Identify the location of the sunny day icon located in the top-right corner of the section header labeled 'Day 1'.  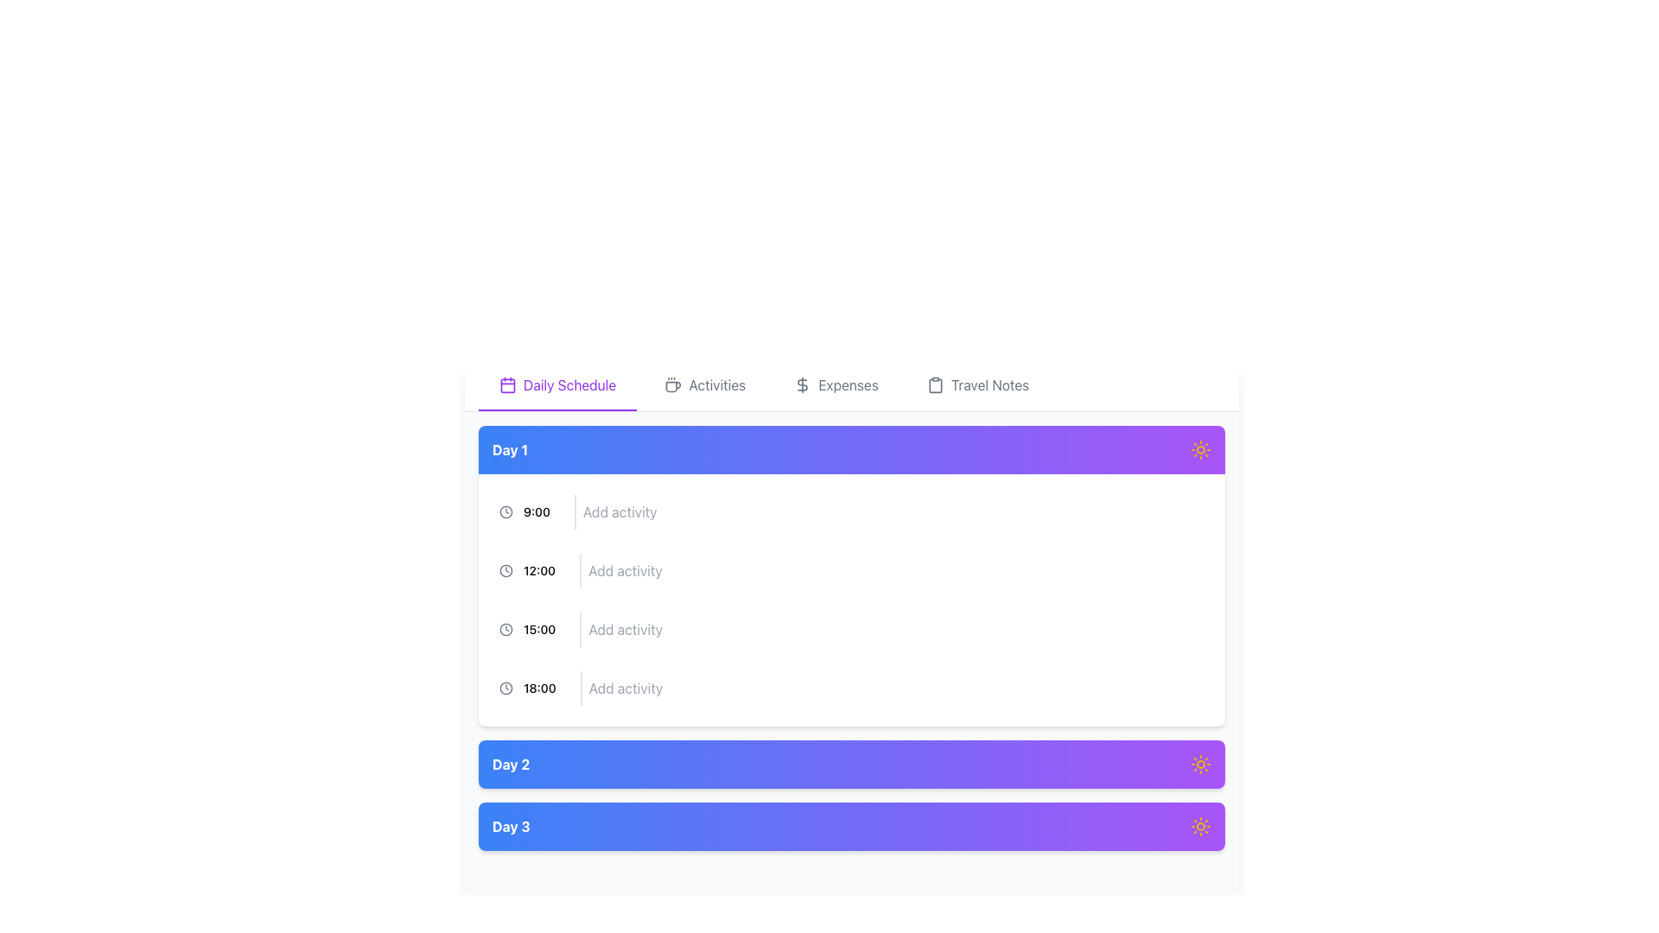
(1200, 448).